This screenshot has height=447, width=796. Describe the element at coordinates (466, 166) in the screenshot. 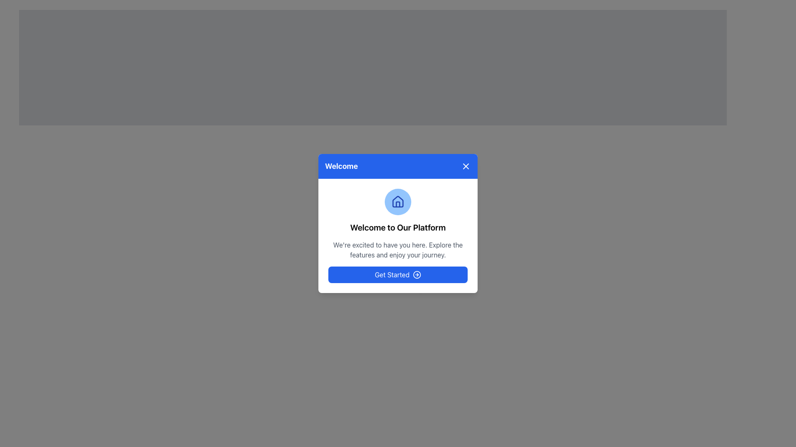

I see `the close button represented by a stylized 'X' located in the top-right corner of the blue header section labeled 'Welcome'` at that location.